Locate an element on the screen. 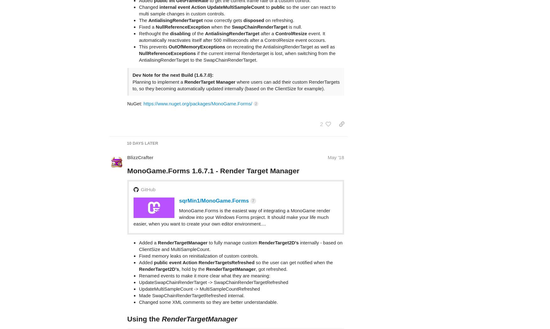  'Dev Note for the next Build (1.6.7.0):' is located at coordinates (132, 50).